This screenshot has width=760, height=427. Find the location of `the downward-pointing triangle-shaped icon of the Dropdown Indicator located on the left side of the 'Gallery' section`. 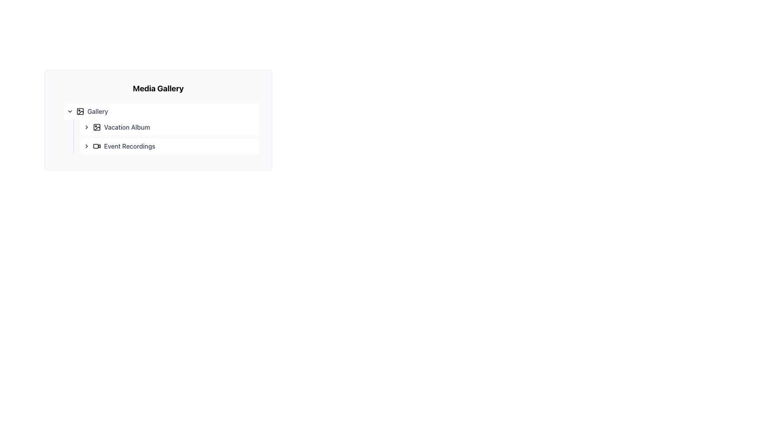

the downward-pointing triangle-shaped icon of the Dropdown Indicator located on the left side of the 'Gallery' section is located at coordinates (70, 111).